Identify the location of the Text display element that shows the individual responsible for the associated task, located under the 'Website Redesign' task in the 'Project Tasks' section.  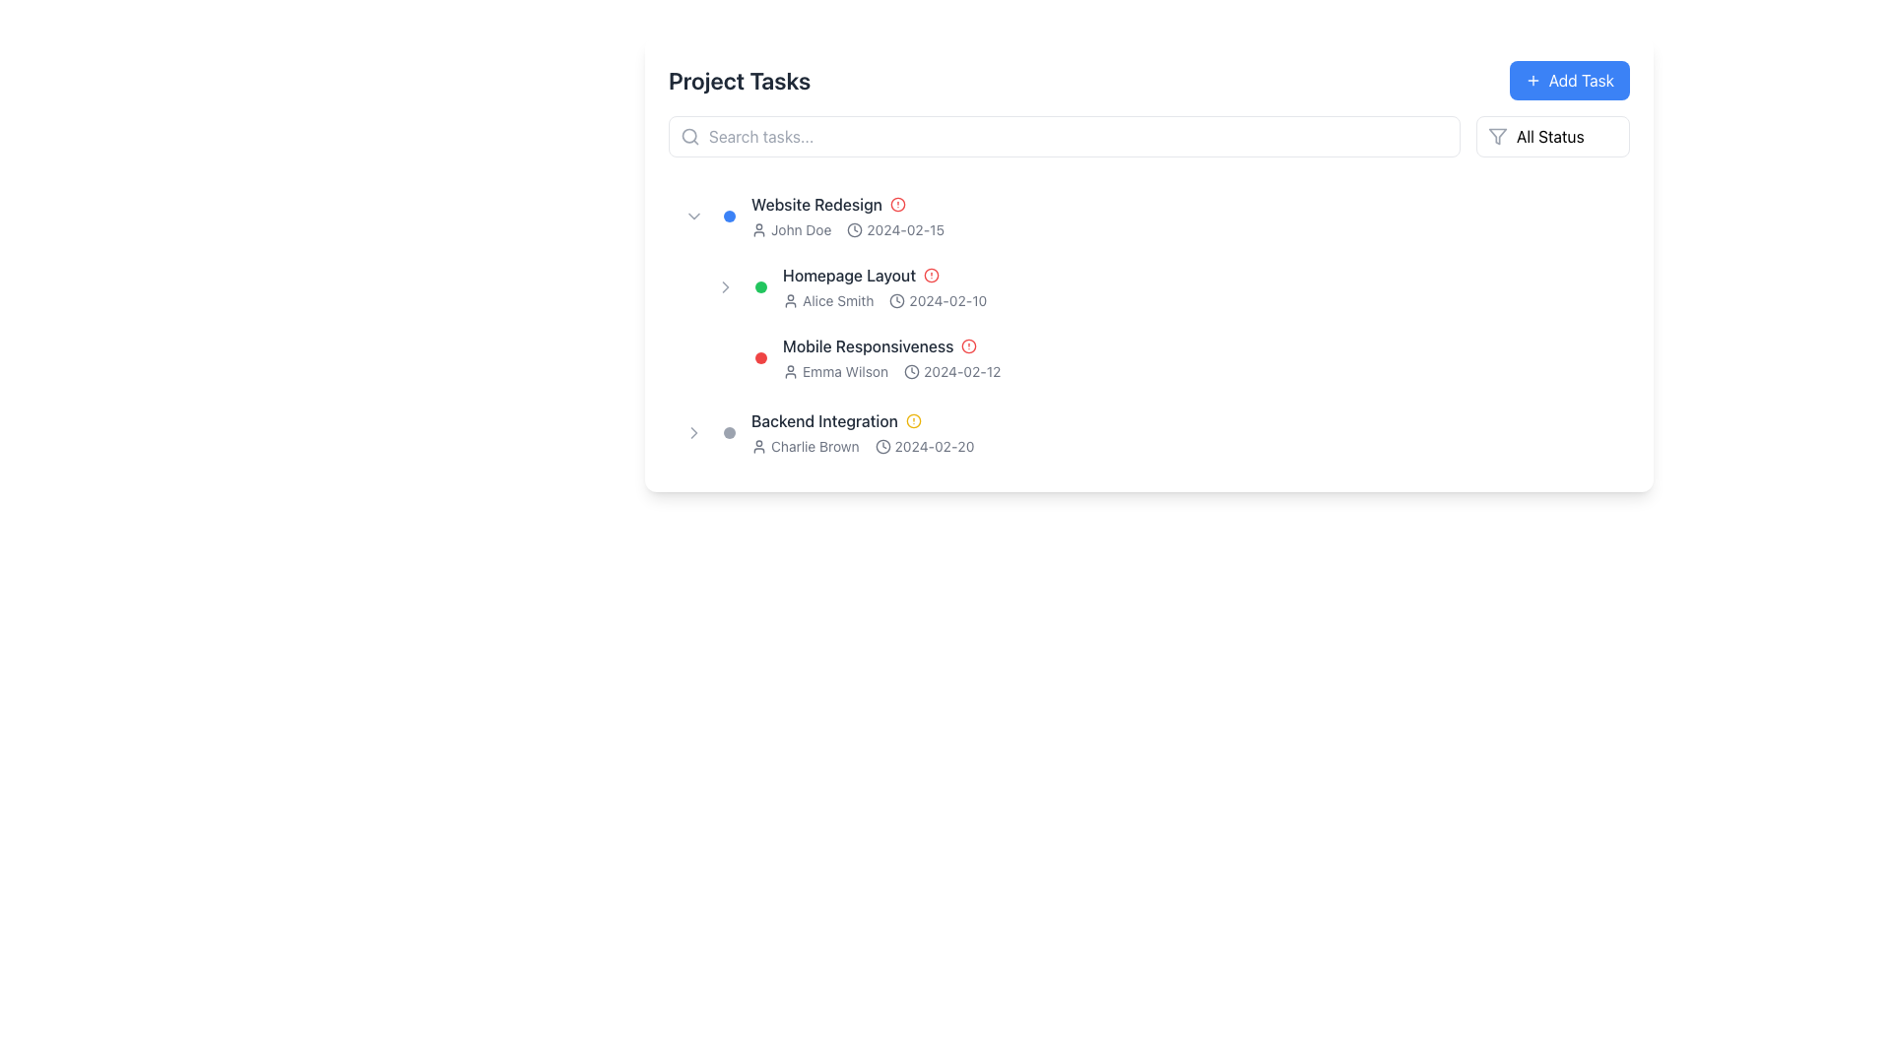
(801, 229).